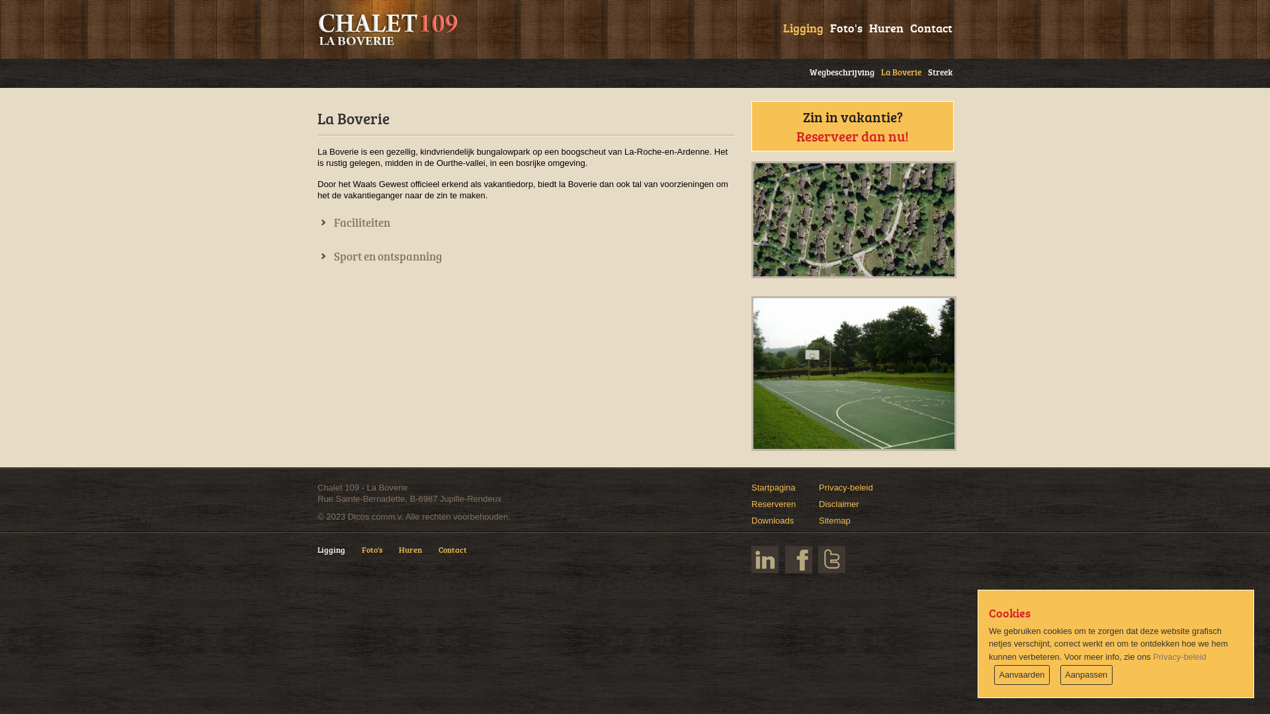 The image size is (1270, 714). What do you see at coordinates (1021, 675) in the screenshot?
I see `'Aanvaarden'` at bounding box center [1021, 675].